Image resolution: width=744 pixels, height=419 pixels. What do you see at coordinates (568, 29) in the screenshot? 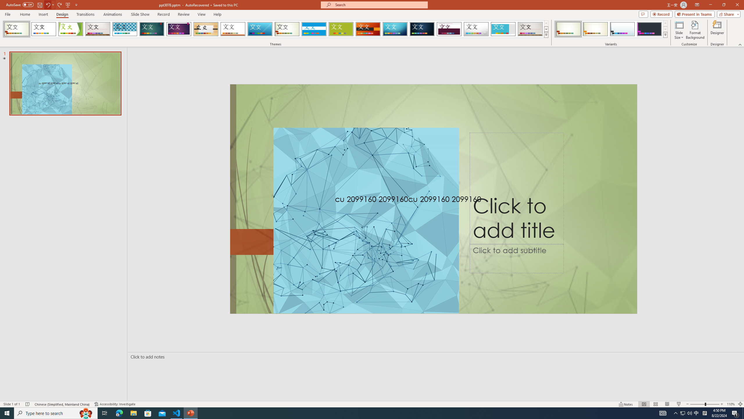
I see `'Wisp Variant 1'` at bounding box center [568, 29].